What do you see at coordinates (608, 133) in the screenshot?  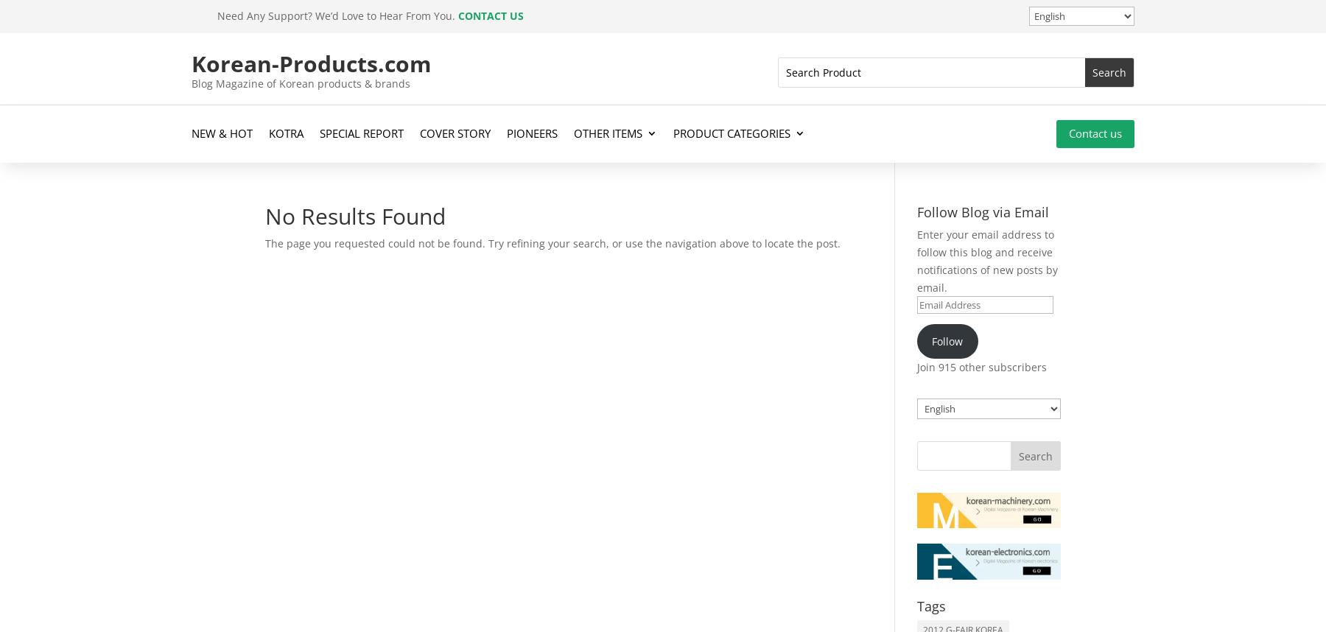 I see `'OTHER ITEMS'` at bounding box center [608, 133].